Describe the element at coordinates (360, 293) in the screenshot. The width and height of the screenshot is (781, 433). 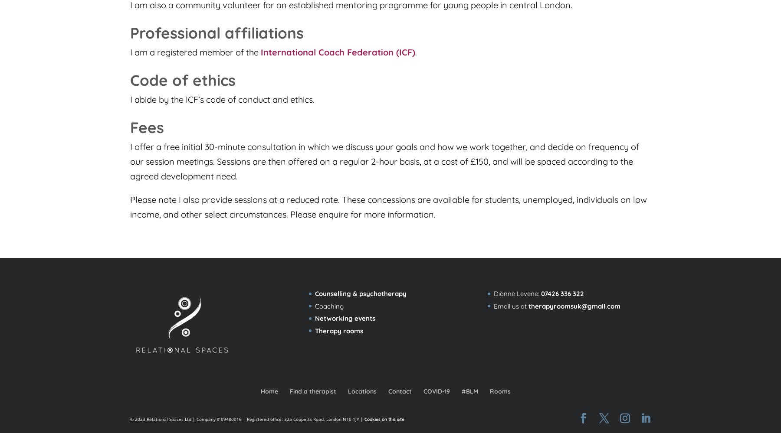
I see `'Counselling & psychotherapy'` at that location.